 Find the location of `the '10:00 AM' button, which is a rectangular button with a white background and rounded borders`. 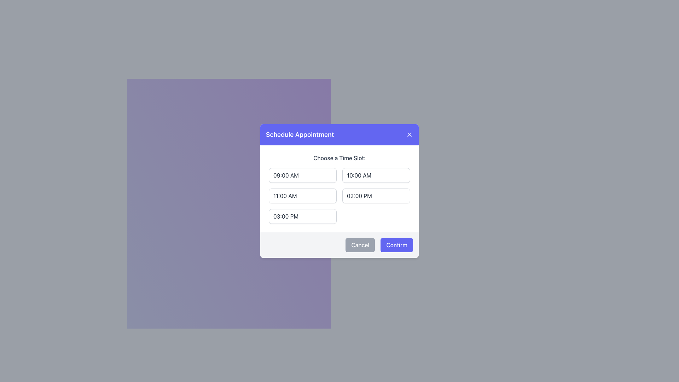

the '10:00 AM' button, which is a rectangular button with a white background and rounded borders is located at coordinates (376, 175).